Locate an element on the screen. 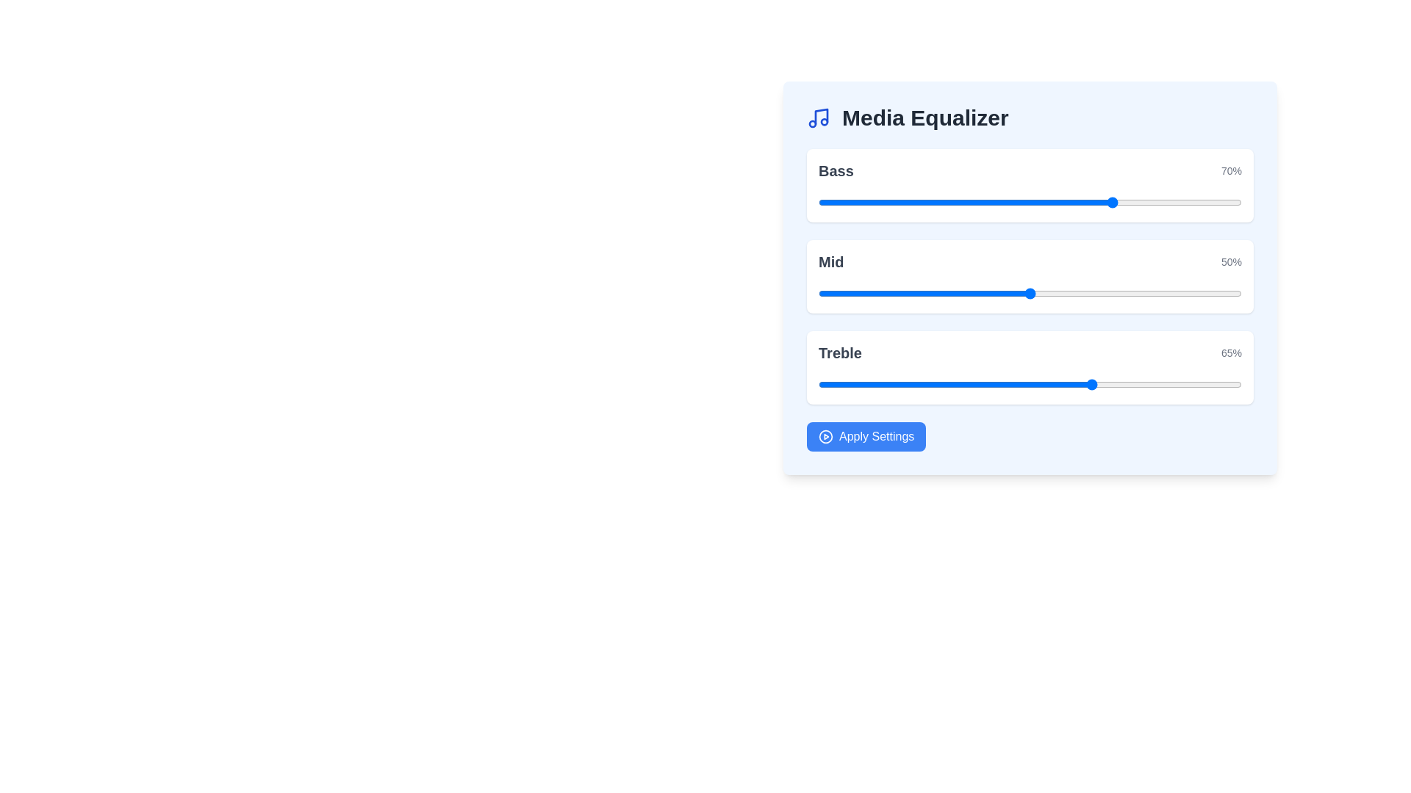 The width and height of the screenshot is (1411, 793). the bass level is located at coordinates (882, 200).